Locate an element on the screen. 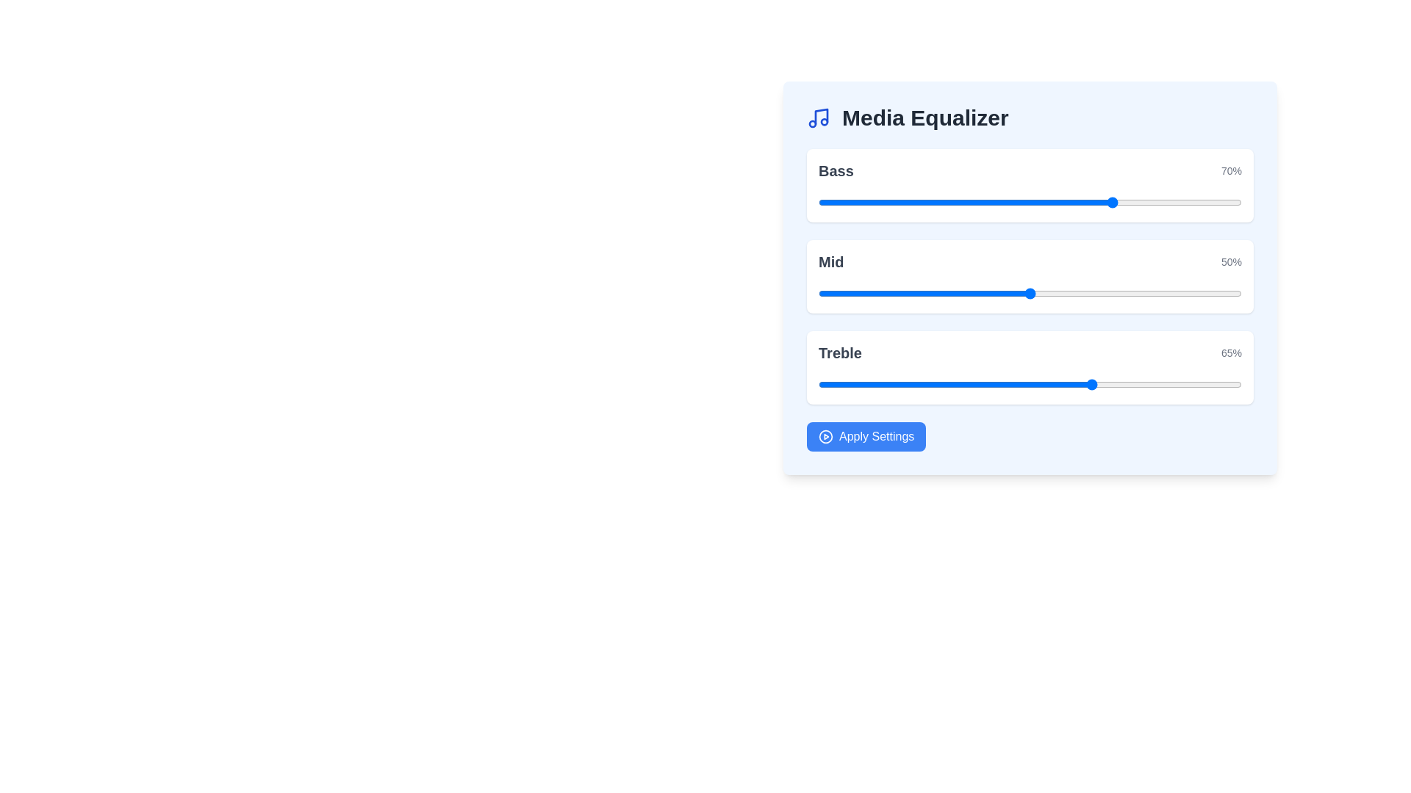 The width and height of the screenshot is (1411, 793). the bass level is located at coordinates (882, 200).